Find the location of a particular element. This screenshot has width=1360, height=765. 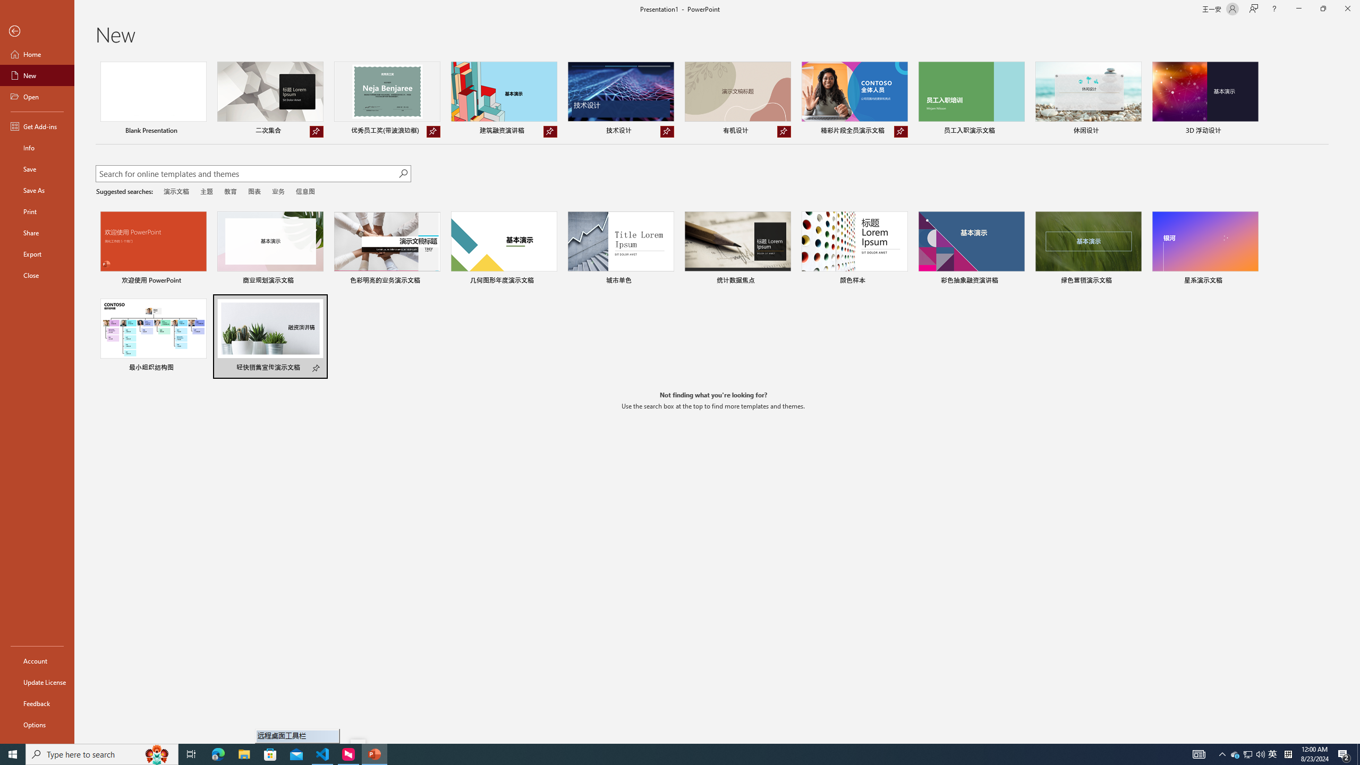

'Feedback' is located at coordinates (37, 703).